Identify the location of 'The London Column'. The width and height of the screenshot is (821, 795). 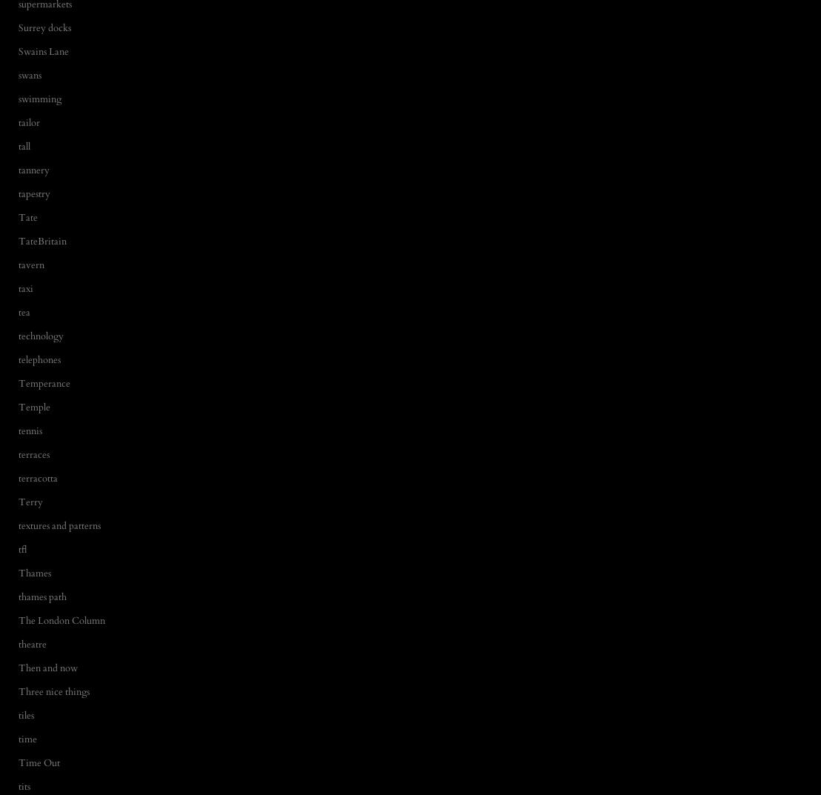
(61, 619).